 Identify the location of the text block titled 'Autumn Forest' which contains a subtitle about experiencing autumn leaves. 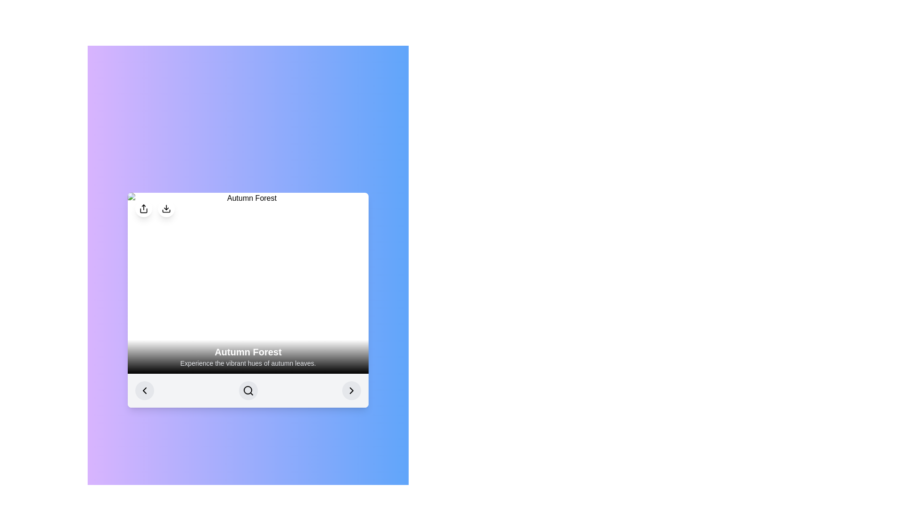
(248, 356).